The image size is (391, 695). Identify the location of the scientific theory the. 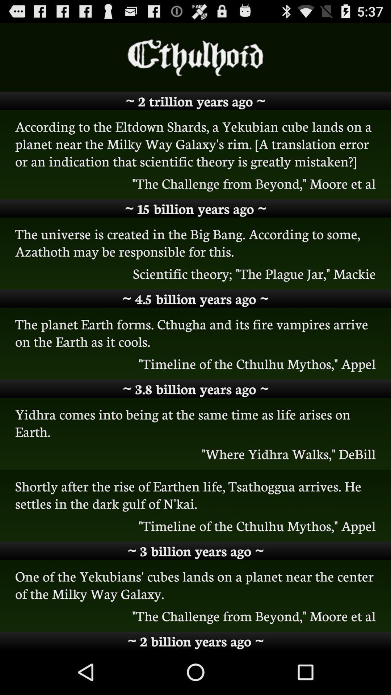
(195, 273).